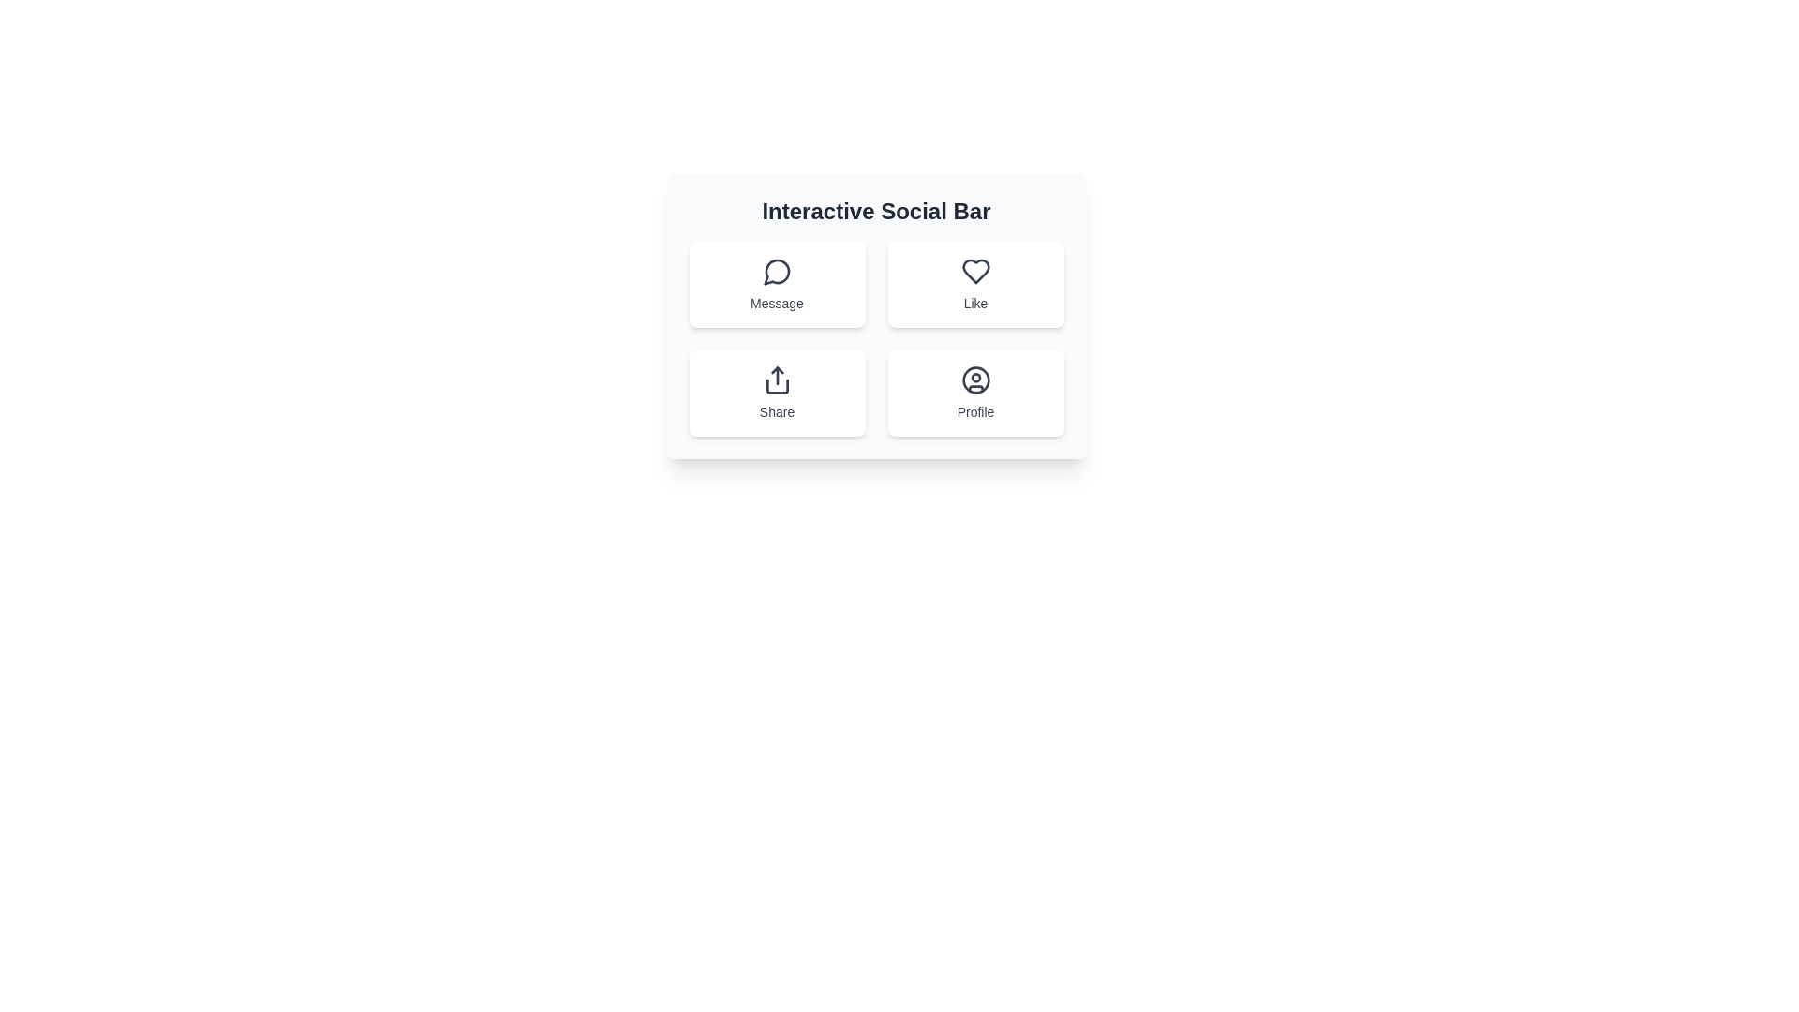 The width and height of the screenshot is (1799, 1012). What do you see at coordinates (974, 271) in the screenshot?
I see `the heart icon with a hollow design and dark outline, located above the 'Like' text in the top-right quadrant of the interactive social bar` at bounding box center [974, 271].